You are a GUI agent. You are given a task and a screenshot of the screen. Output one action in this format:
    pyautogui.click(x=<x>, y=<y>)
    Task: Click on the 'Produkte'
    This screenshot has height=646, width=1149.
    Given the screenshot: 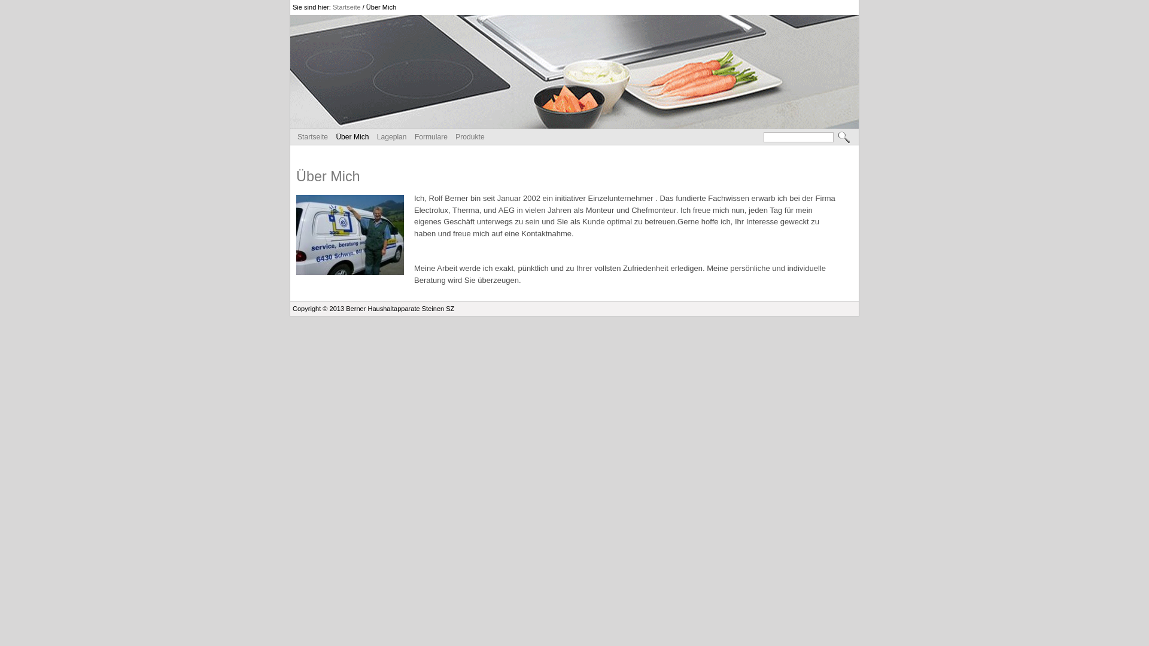 What is the action you would take?
    pyautogui.click(x=469, y=136)
    